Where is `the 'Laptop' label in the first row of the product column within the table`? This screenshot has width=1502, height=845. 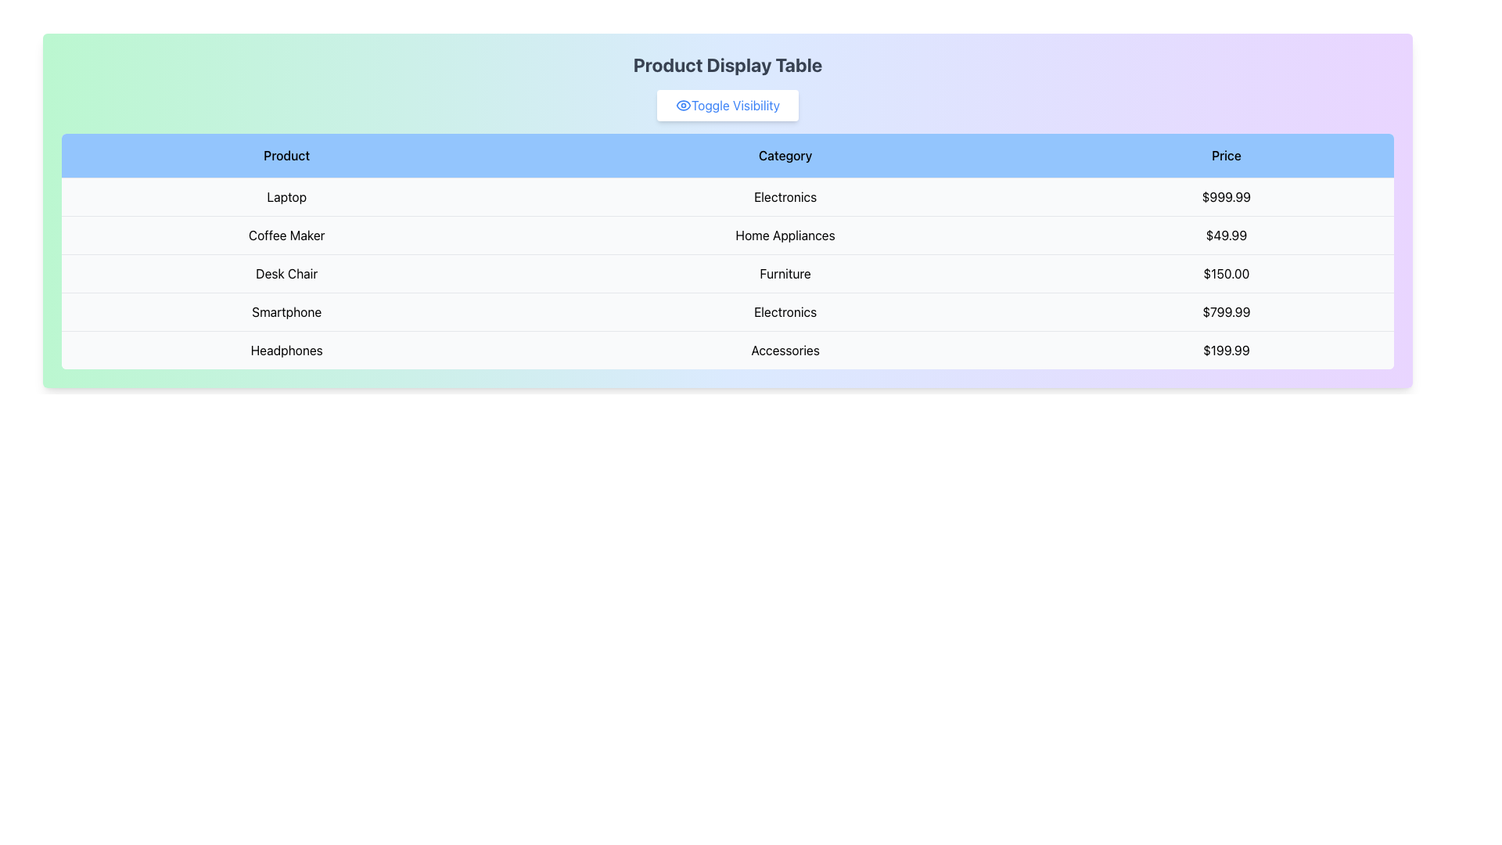 the 'Laptop' label in the first row of the product column within the table is located at coordinates (286, 196).